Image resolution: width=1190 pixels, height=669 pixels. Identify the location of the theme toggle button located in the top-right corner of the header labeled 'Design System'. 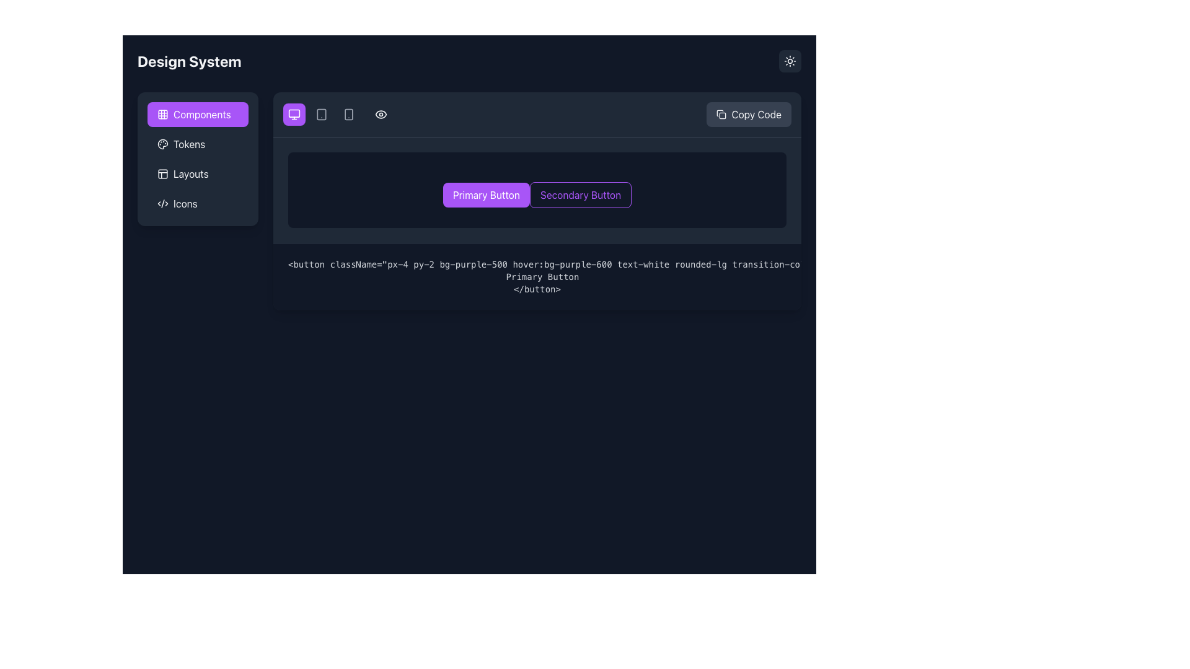
(790, 61).